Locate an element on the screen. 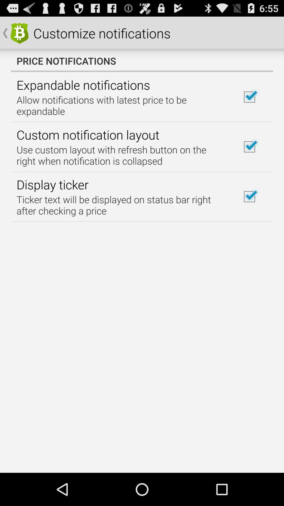 Image resolution: width=284 pixels, height=506 pixels. the ticker text will is located at coordinates (122, 205).